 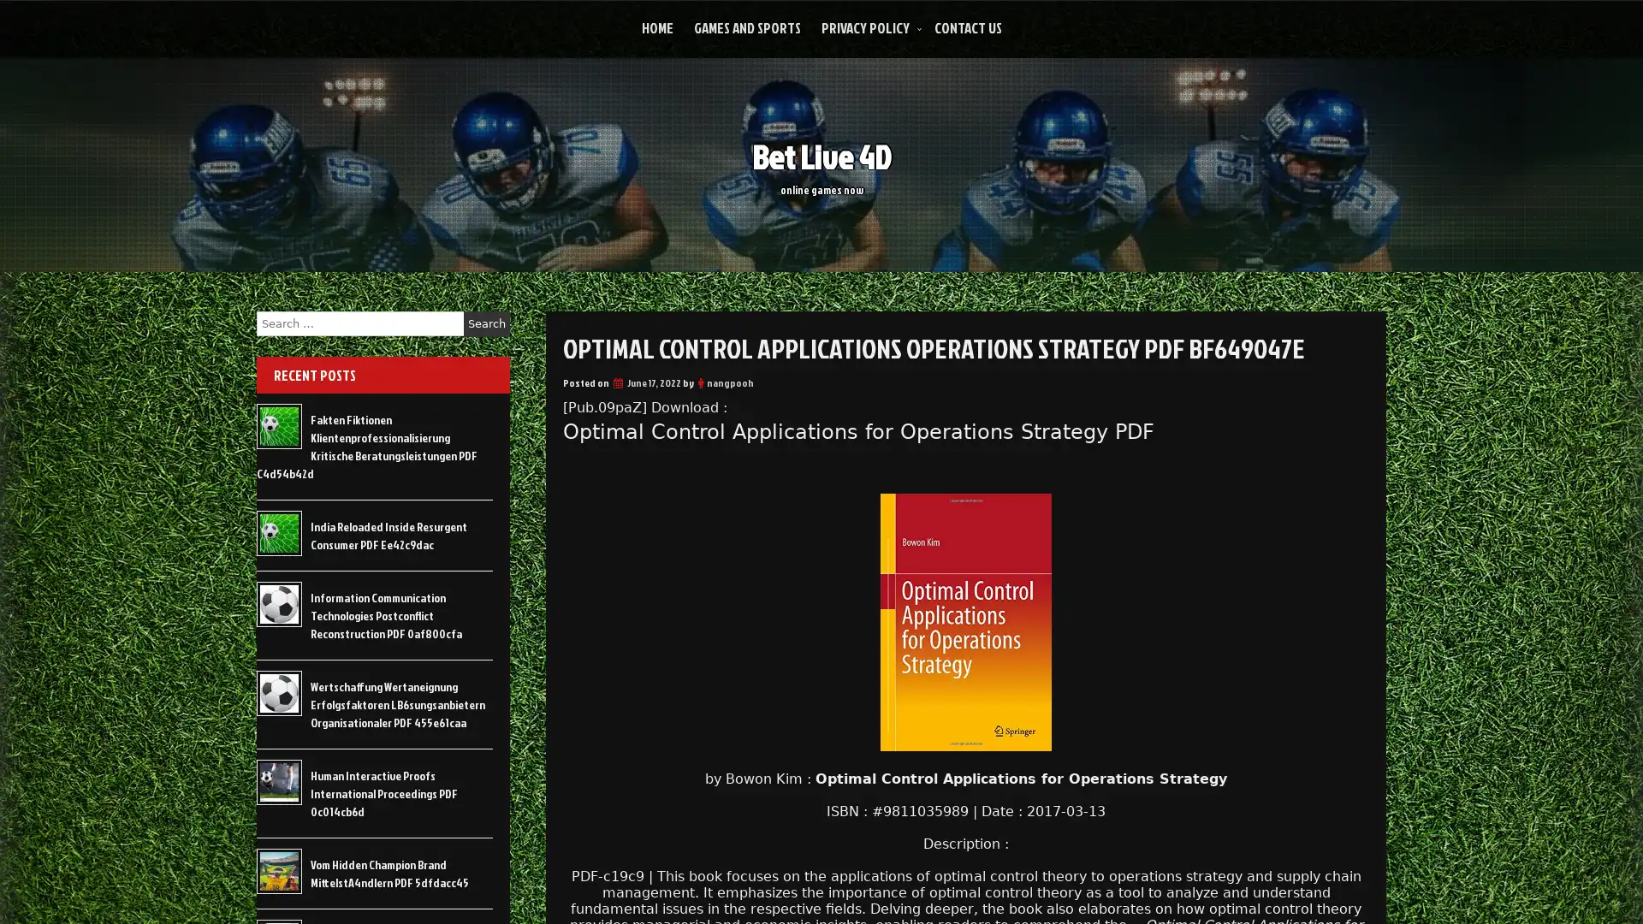 I want to click on Search, so click(x=486, y=323).